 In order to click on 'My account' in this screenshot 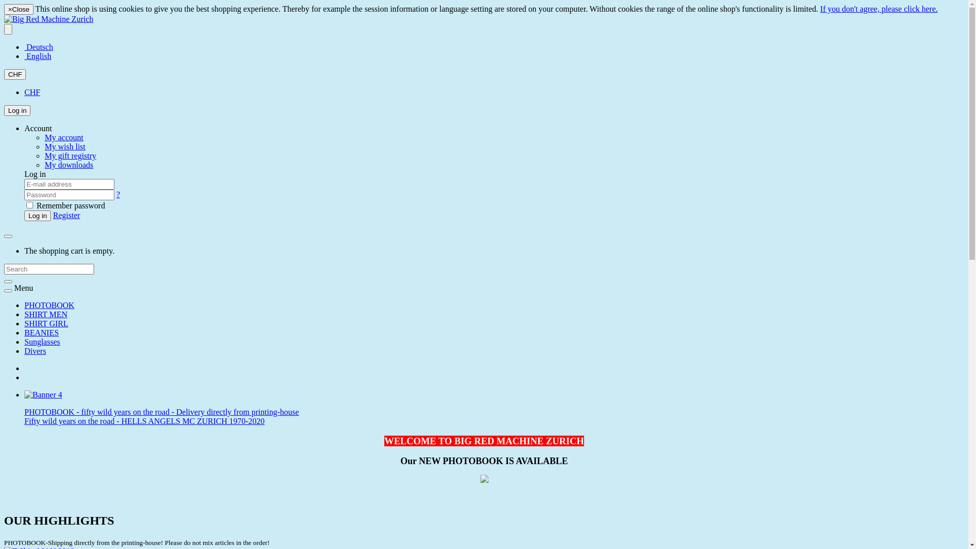, I will do `click(44, 137)`.